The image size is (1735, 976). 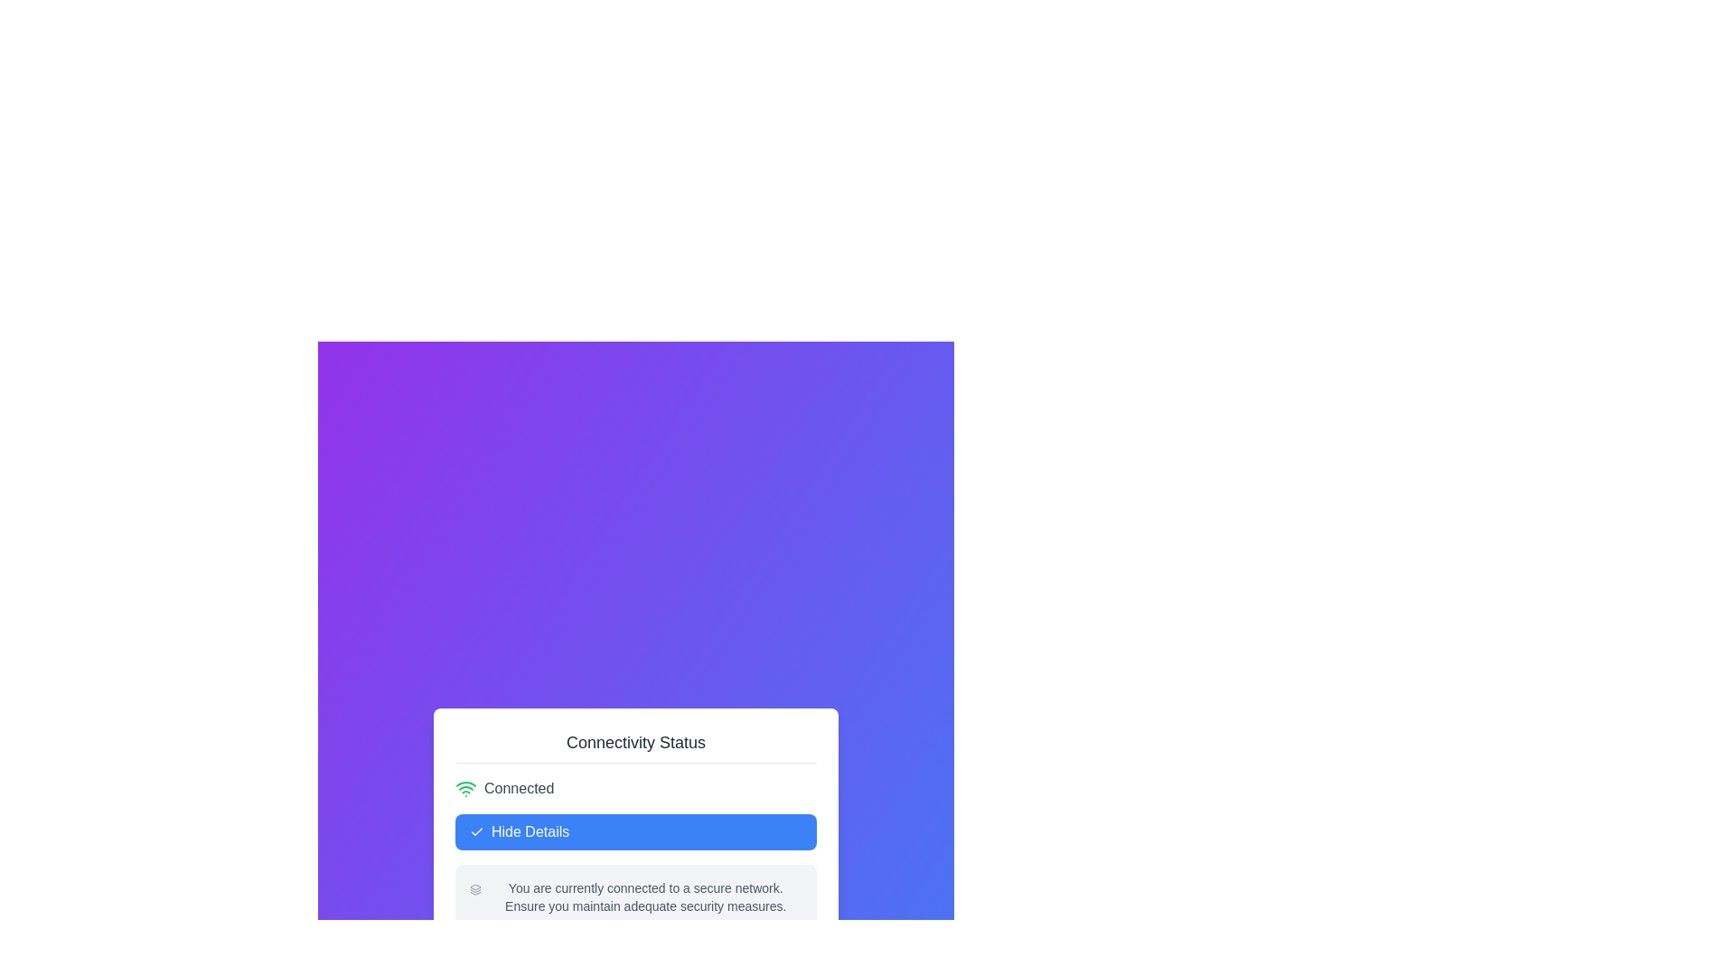 What do you see at coordinates (477, 831) in the screenshot?
I see `the vector-based checkmark icon located inside the 'Hide Details' button, which is positioned at the center-right of the interface under the 'Connectivity Status' modal window` at bounding box center [477, 831].